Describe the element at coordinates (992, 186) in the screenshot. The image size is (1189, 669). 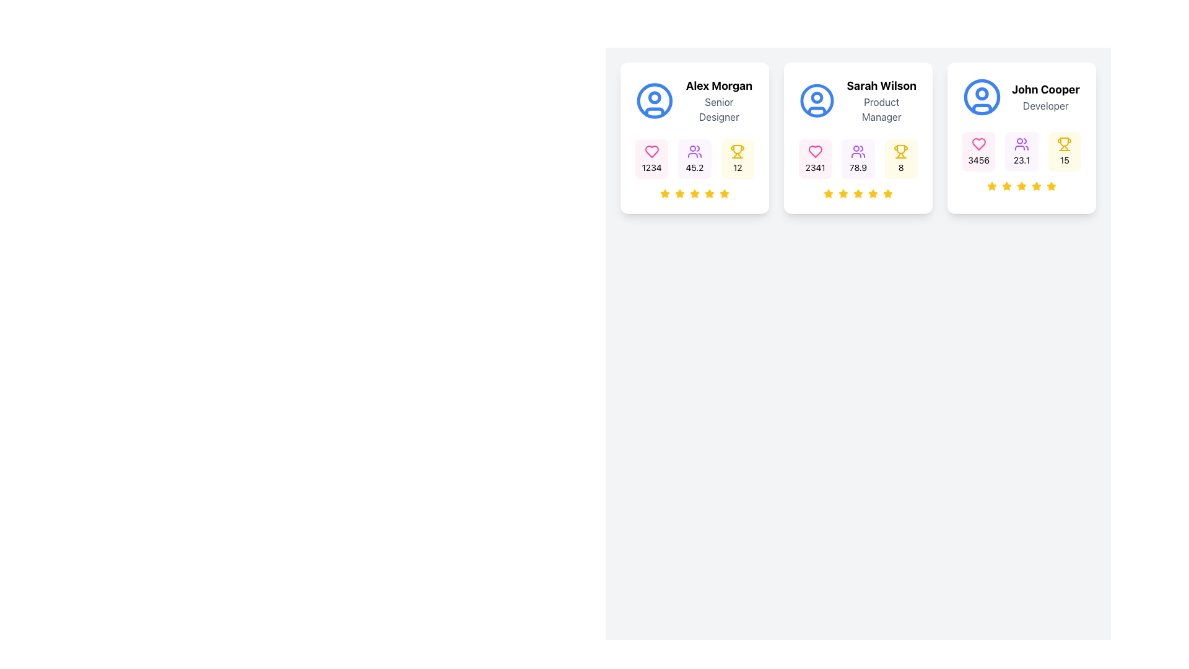
I see `the second star graphic icon in the five-star rating system below John Cooper's profile card` at that location.